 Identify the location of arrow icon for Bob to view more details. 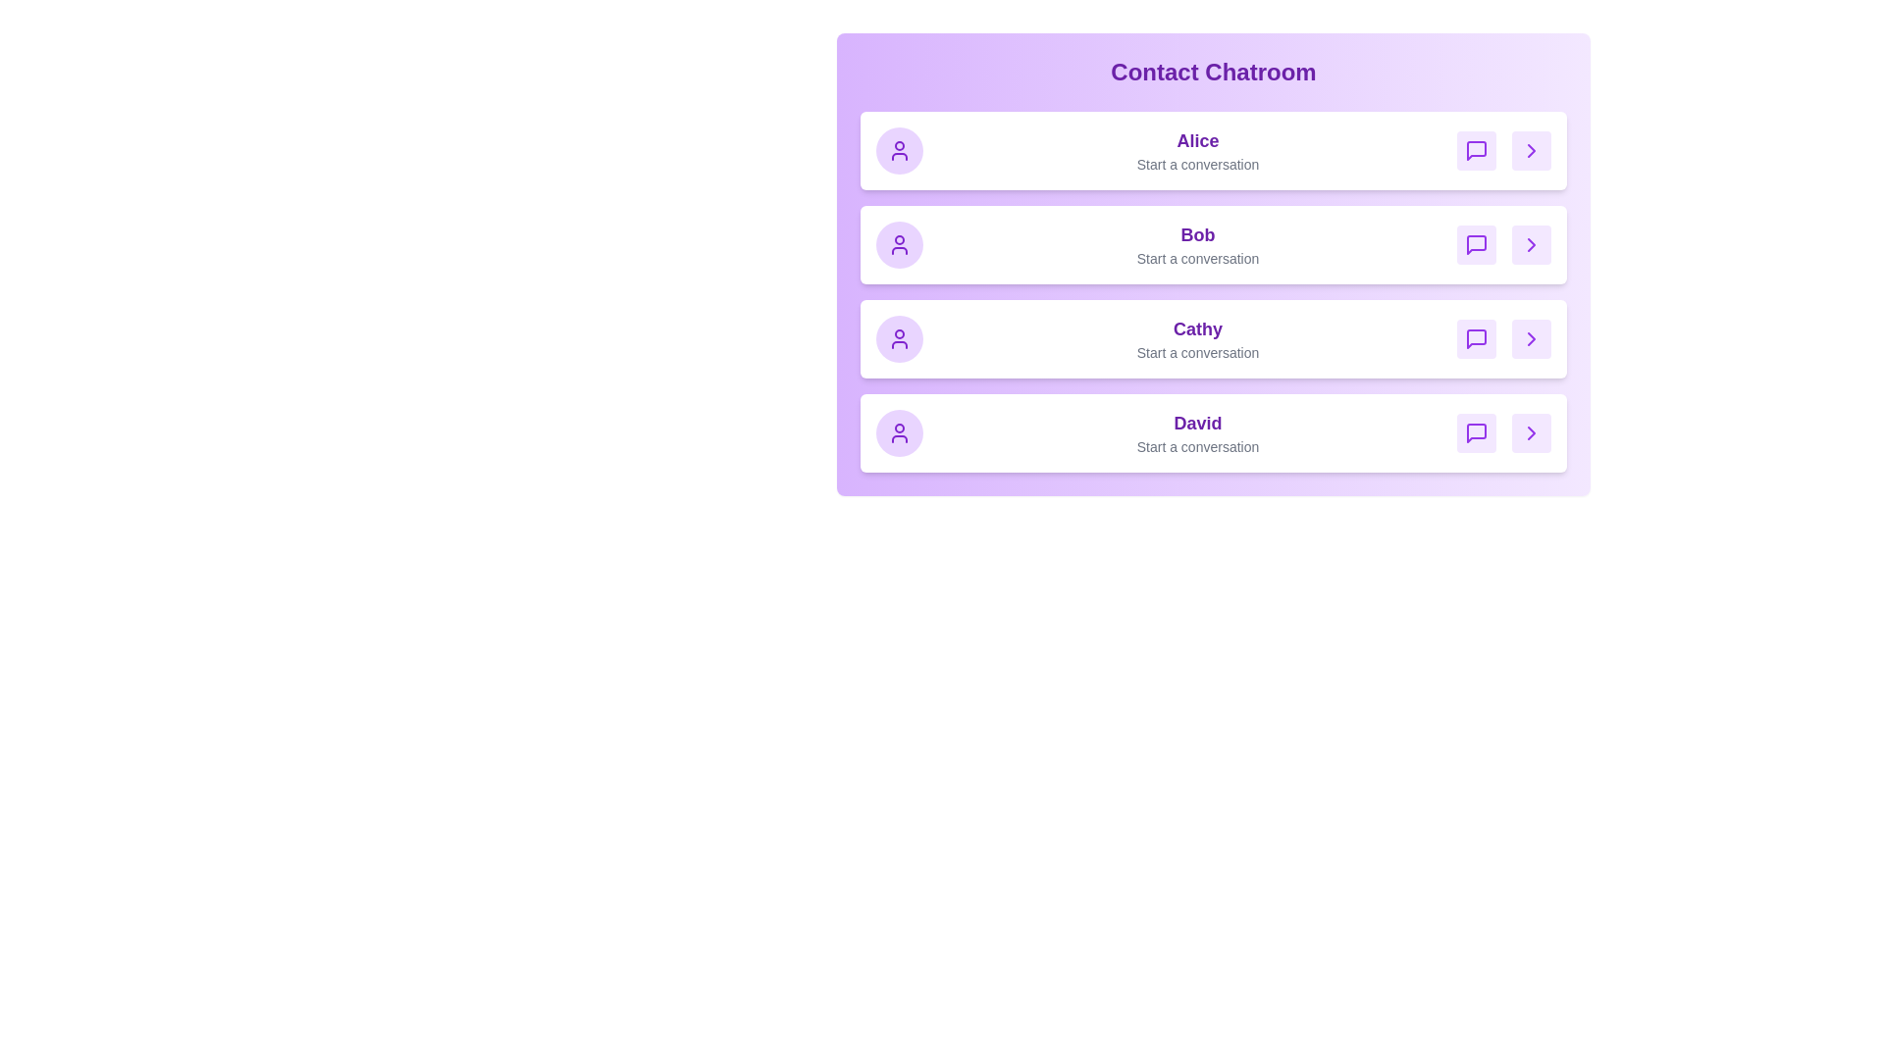
(1530, 244).